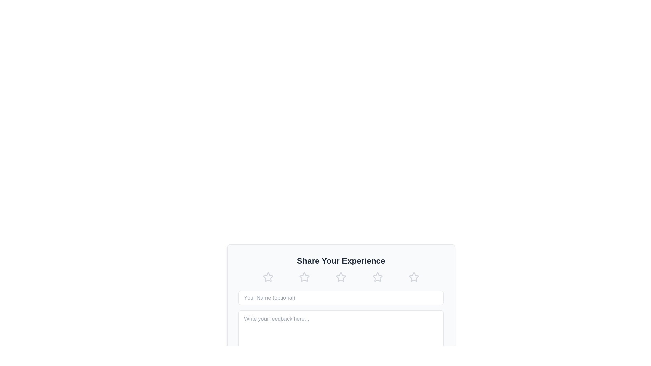 The width and height of the screenshot is (651, 366). What do you see at coordinates (341, 277) in the screenshot?
I see `the third star-shaped icon in the rating section` at bounding box center [341, 277].